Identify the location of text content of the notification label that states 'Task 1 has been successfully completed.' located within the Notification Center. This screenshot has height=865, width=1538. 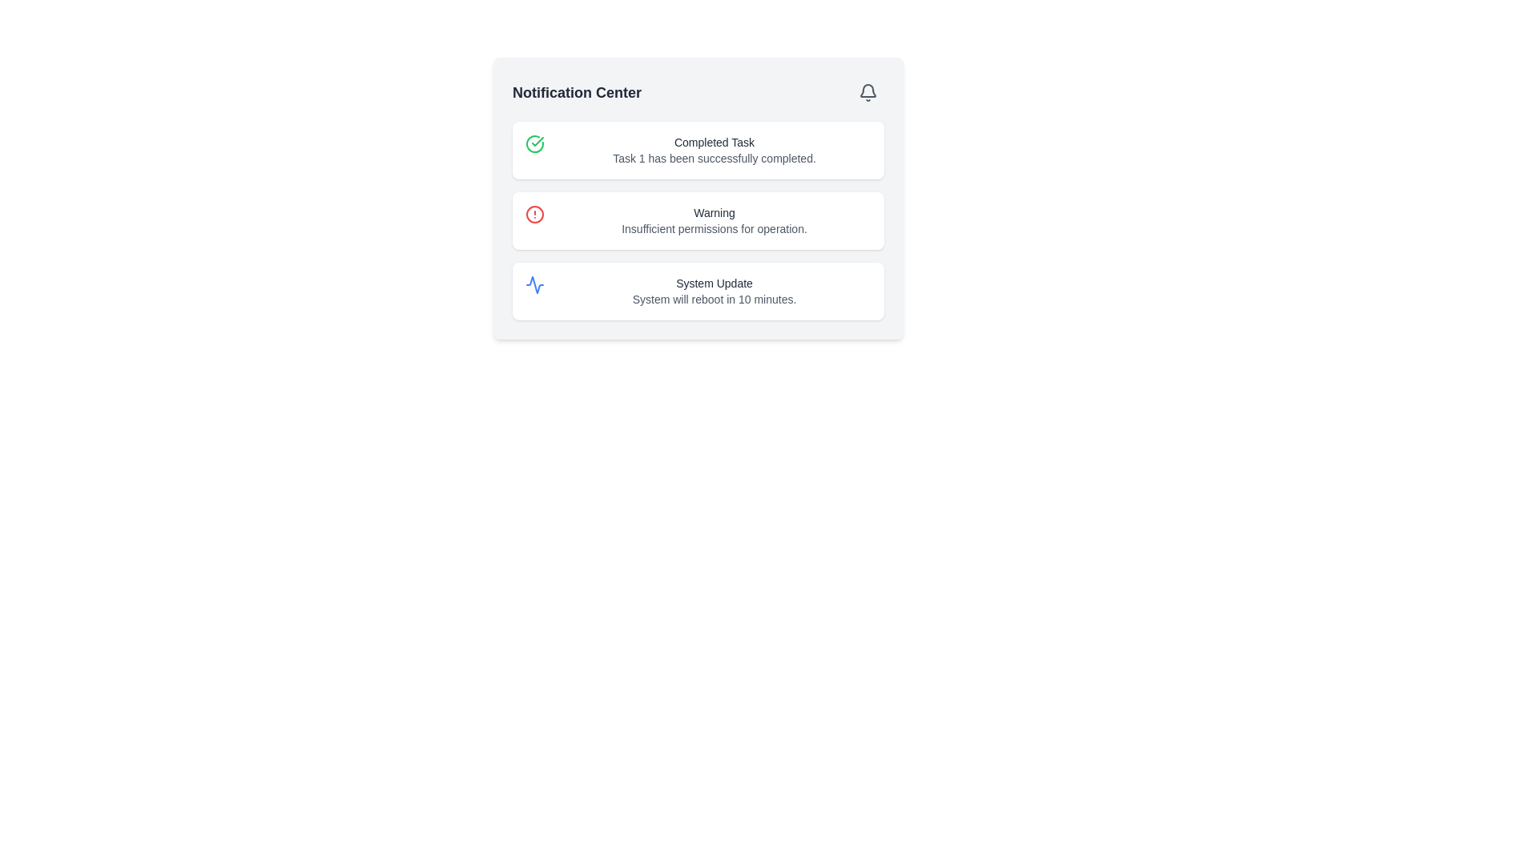
(714, 158).